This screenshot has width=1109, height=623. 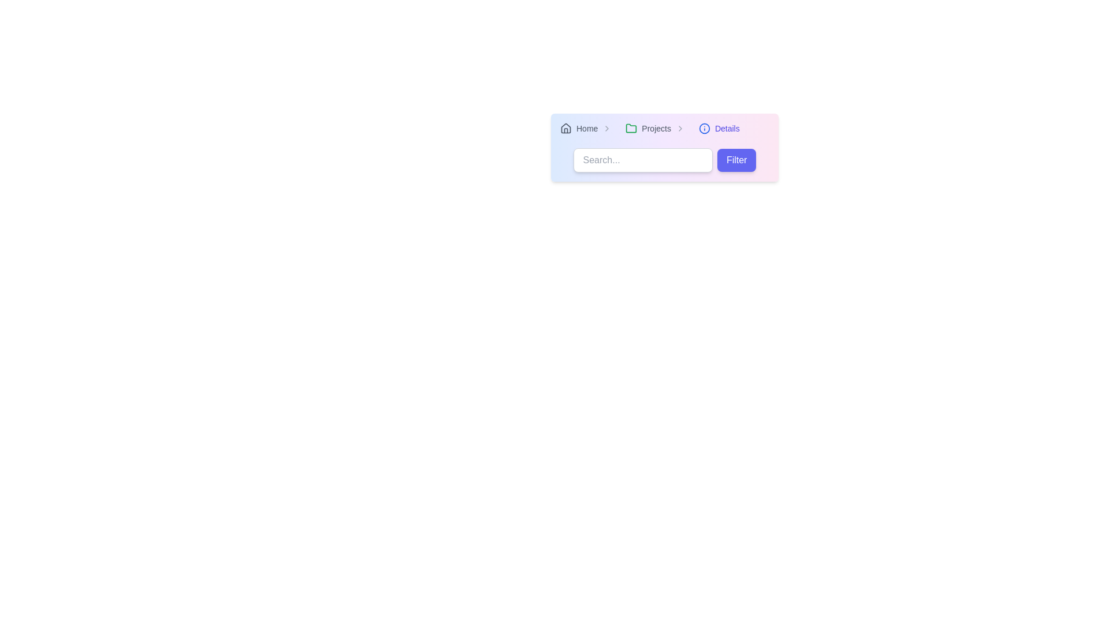 What do you see at coordinates (657, 129) in the screenshot?
I see `the 'Projects' breadcrumb navigation item, which is identified by a green folder icon and the text 'Projects'` at bounding box center [657, 129].